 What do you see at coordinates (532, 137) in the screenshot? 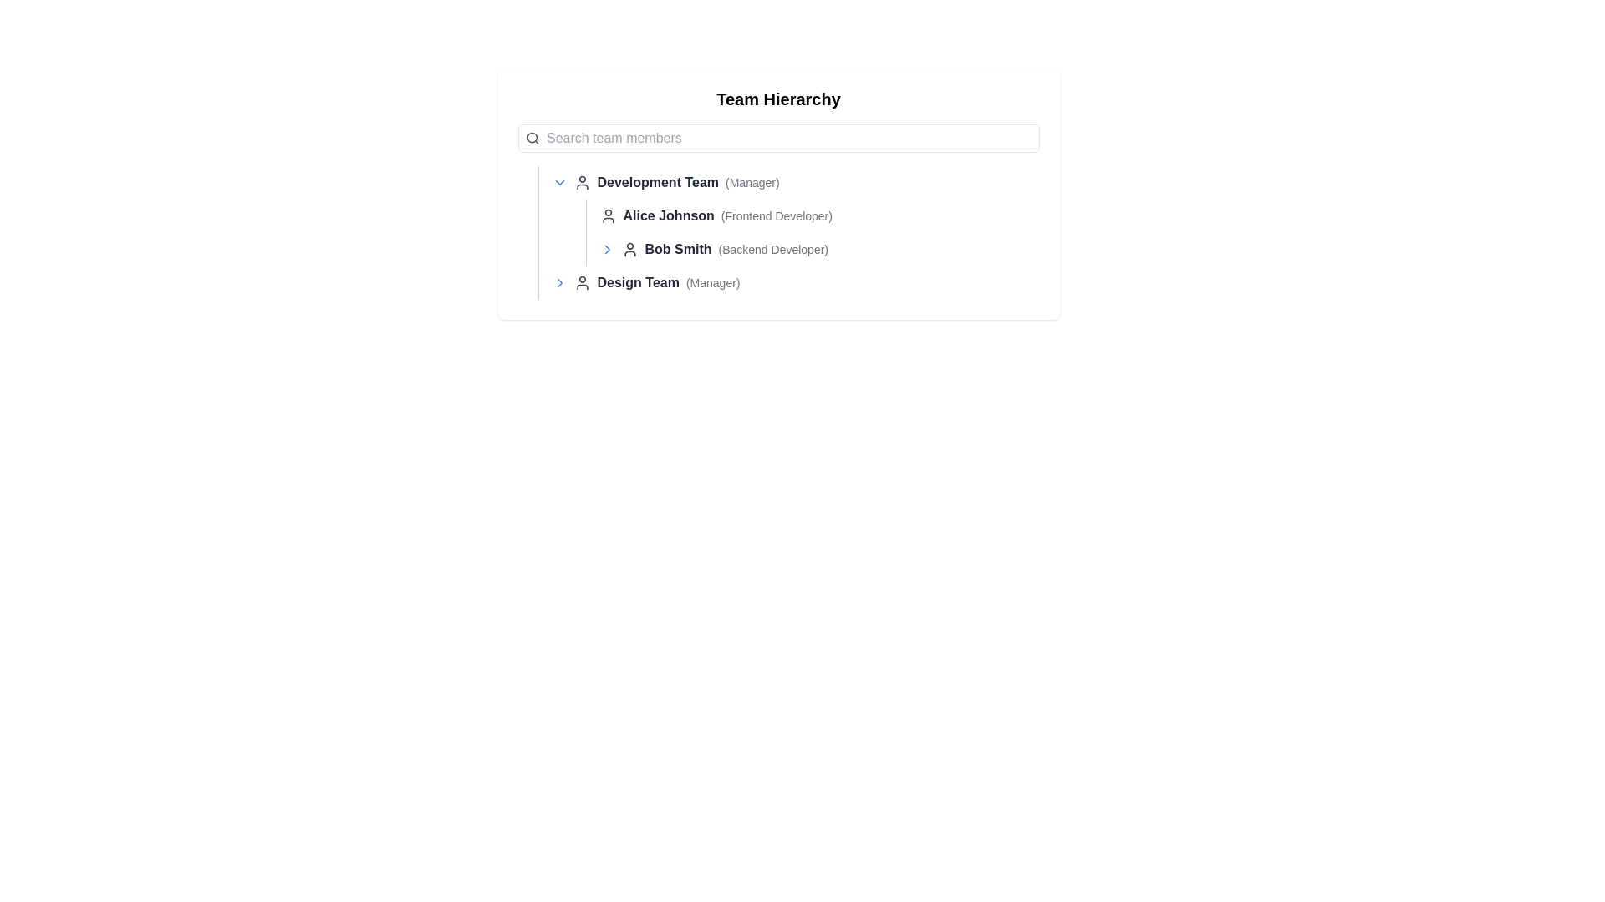
I see `the search icon that serves as a visual indicator for the search input field, which is positioned left-aligned before the text input box` at bounding box center [532, 137].